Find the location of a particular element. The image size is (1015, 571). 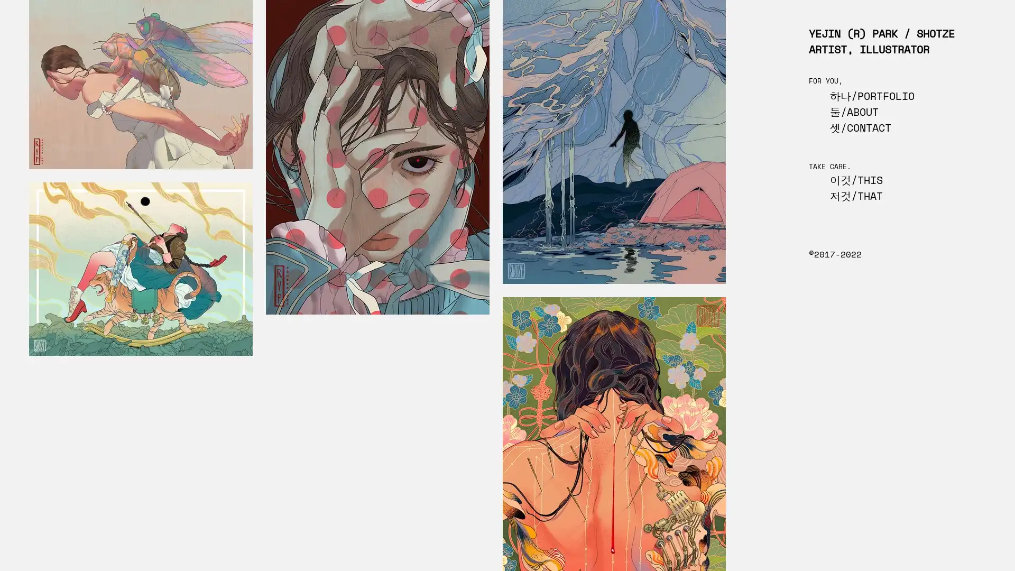

TIGER (THE HUNTER) is located at coordinates (140, 269).